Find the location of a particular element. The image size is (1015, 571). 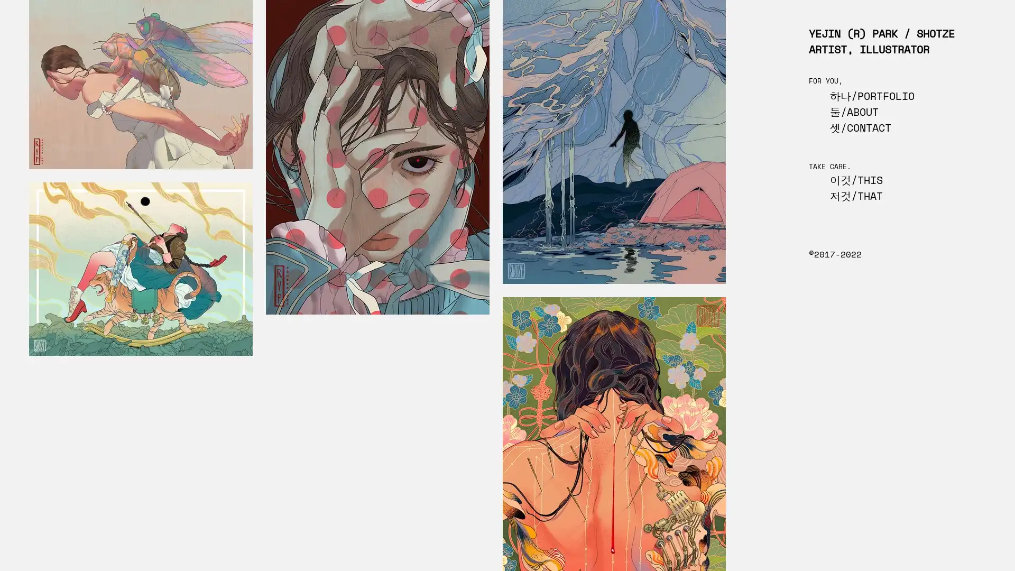

TIGER (THE HUNTER) is located at coordinates (140, 269).